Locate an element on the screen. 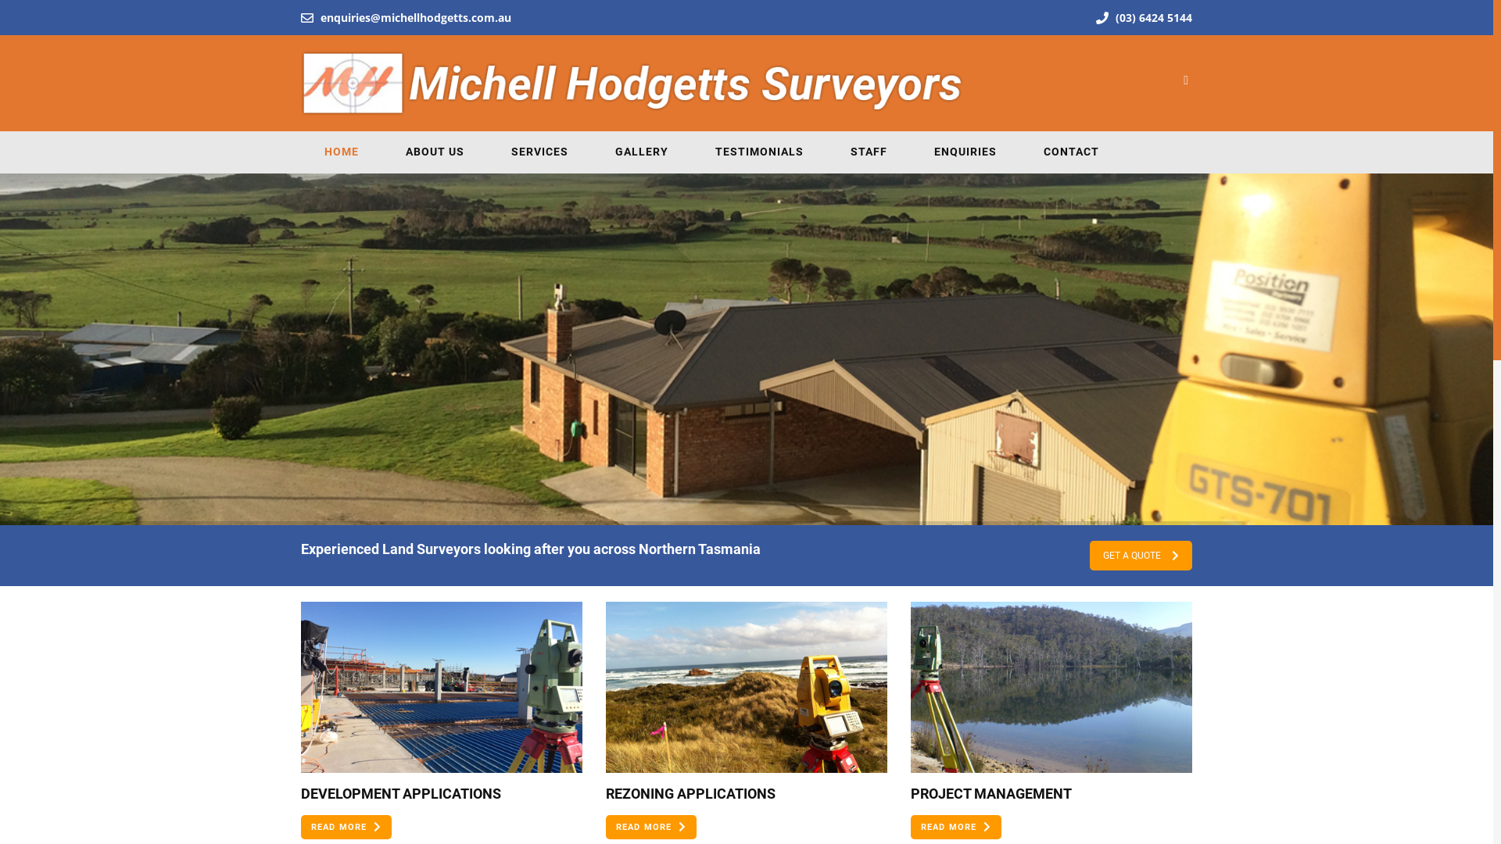 This screenshot has height=844, width=1501. 'GET A QUOTE' is located at coordinates (1141, 554).